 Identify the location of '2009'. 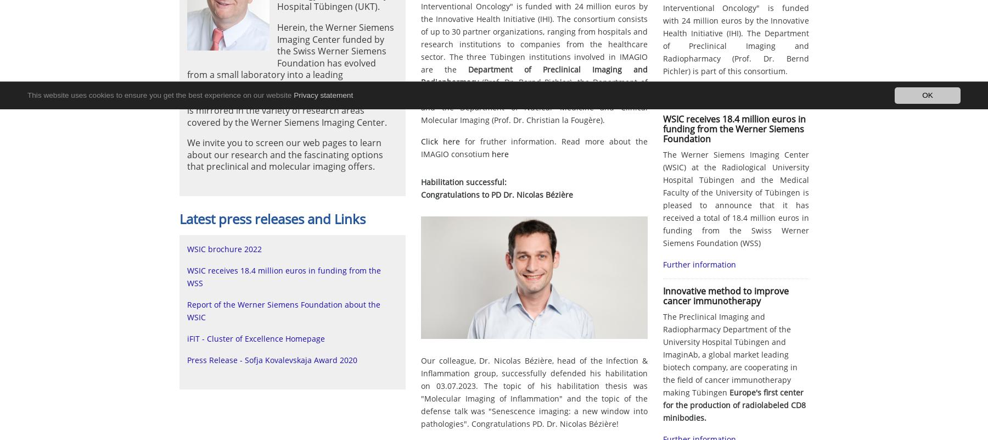
(488, 42).